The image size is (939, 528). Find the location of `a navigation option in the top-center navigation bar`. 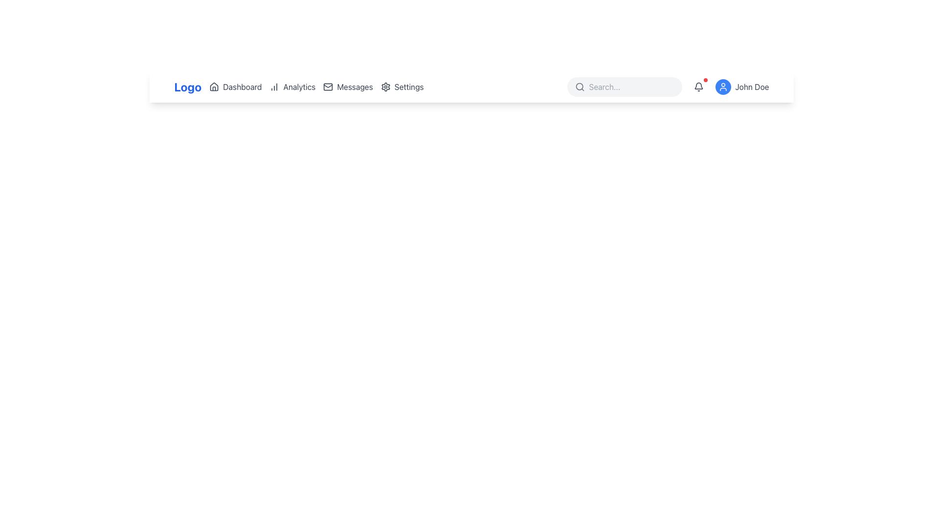

a navigation option in the top-center navigation bar is located at coordinates (471, 86).